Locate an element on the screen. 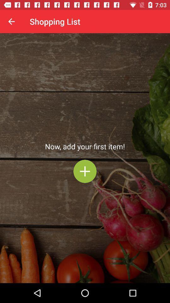 The height and width of the screenshot is (303, 170). the add icon is located at coordinates (85, 171).